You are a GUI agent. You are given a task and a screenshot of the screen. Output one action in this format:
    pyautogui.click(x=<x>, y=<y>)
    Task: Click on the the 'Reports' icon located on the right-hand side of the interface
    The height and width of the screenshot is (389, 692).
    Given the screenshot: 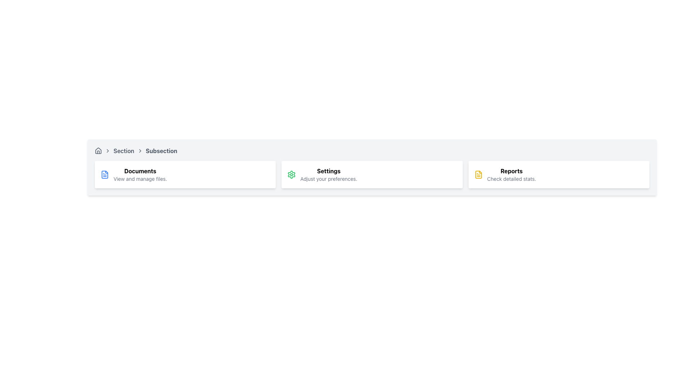 What is the action you would take?
    pyautogui.click(x=478, y=175)
    